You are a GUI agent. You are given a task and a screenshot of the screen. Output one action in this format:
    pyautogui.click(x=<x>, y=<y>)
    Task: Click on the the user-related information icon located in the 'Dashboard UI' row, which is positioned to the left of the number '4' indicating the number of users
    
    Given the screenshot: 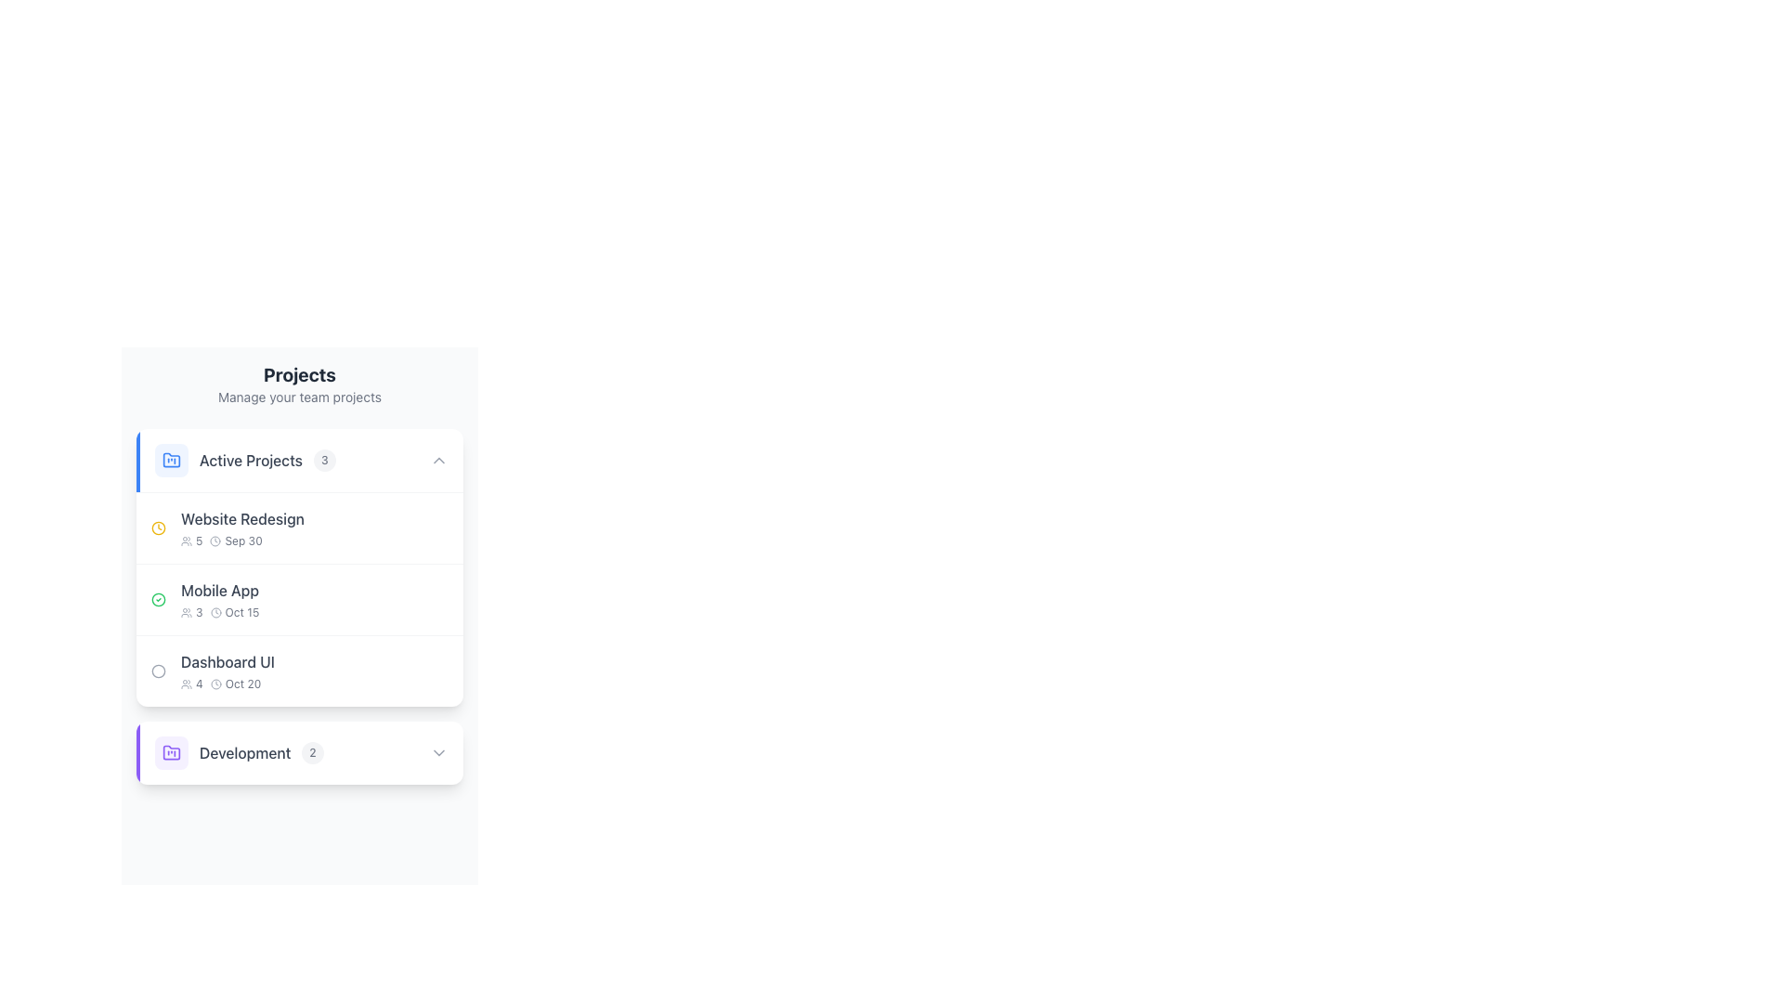 What is the action you would take?
    pyautogui.click(x=187, y=684)
    